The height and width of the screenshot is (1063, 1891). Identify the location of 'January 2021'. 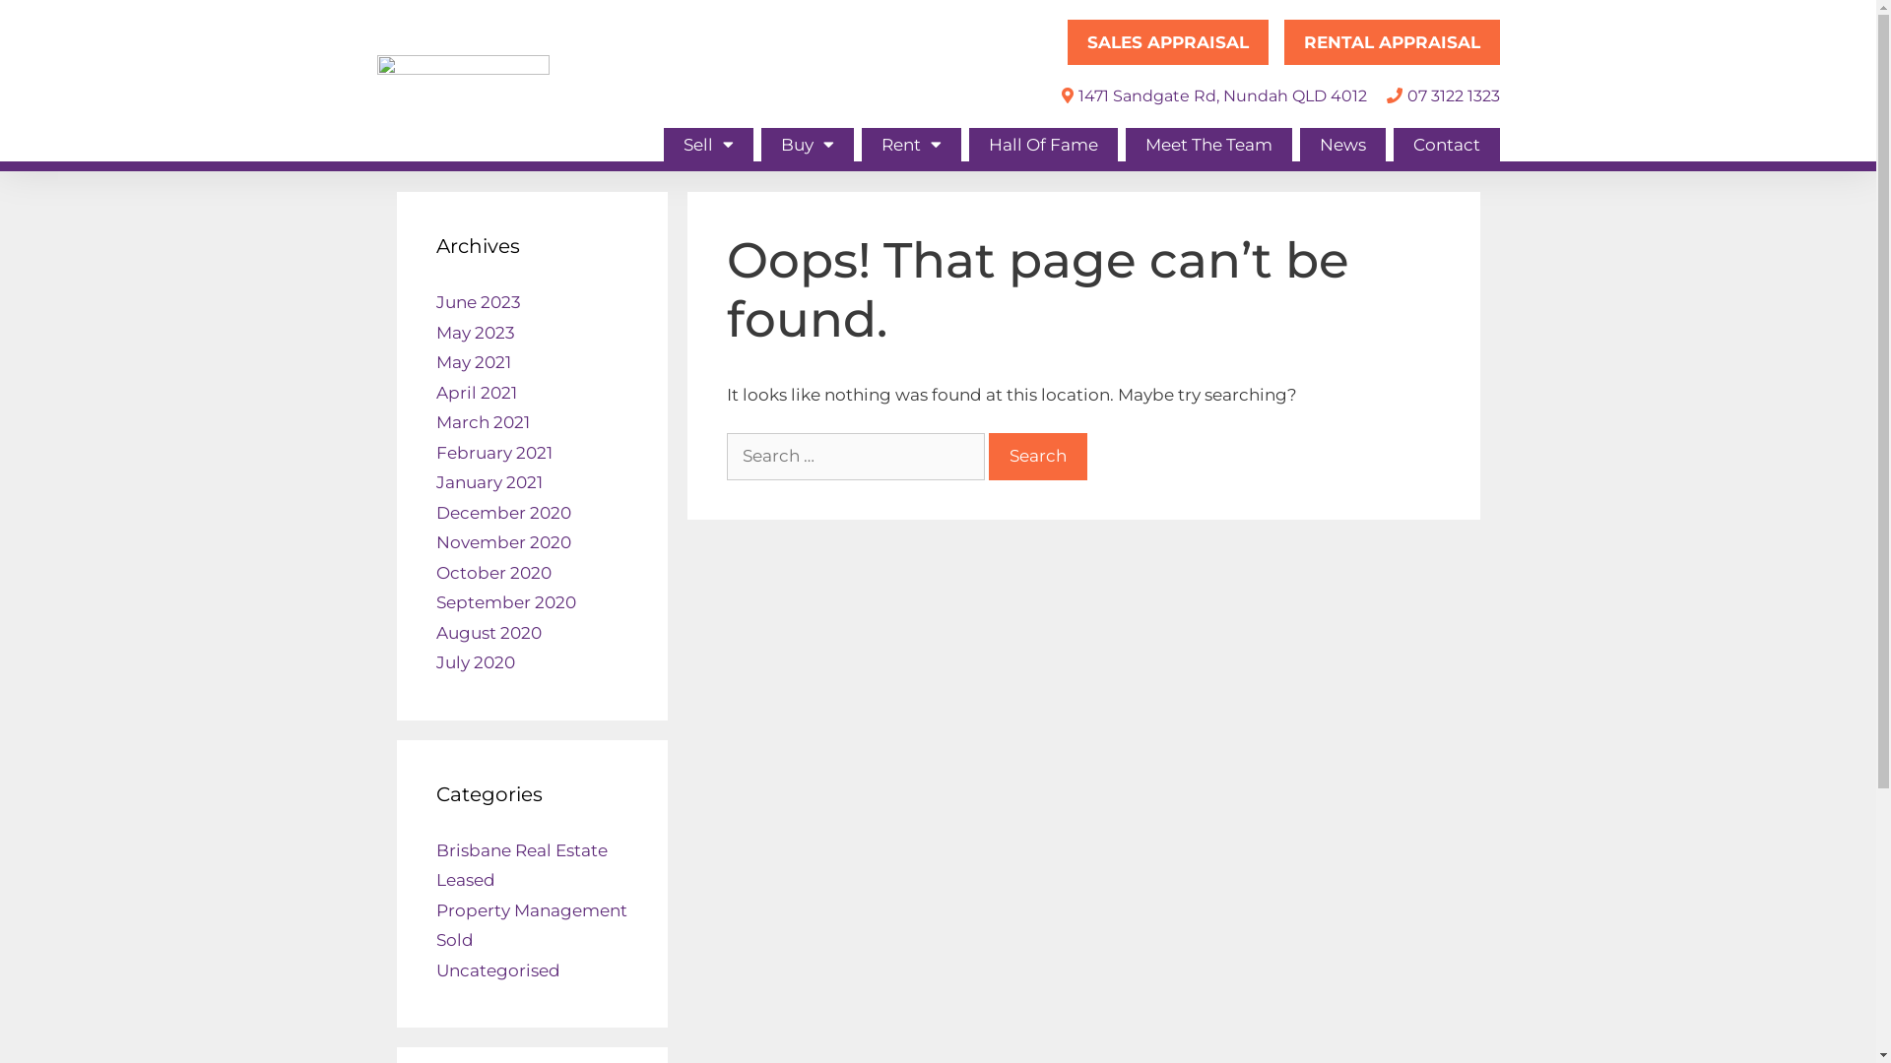
(488, 481).